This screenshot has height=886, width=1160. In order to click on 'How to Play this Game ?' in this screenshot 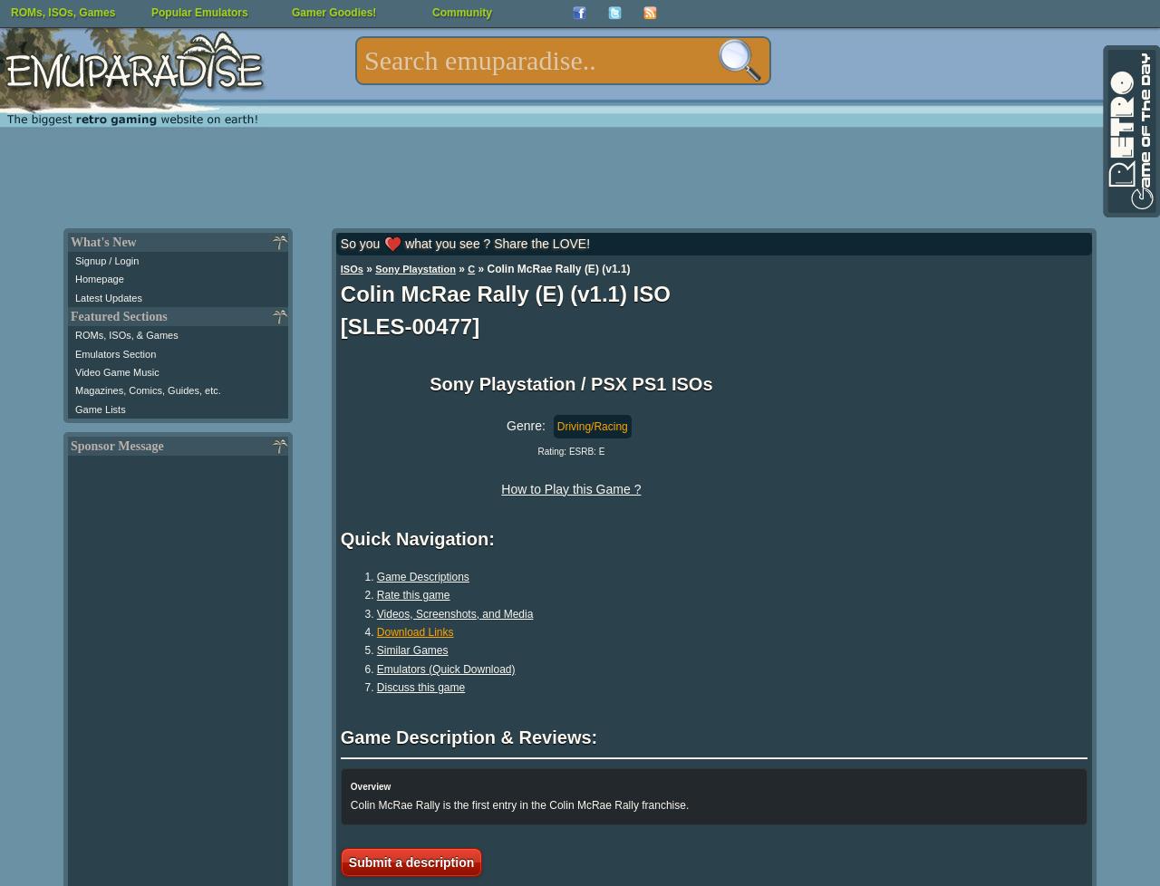, I will do `click(570, 487)`.